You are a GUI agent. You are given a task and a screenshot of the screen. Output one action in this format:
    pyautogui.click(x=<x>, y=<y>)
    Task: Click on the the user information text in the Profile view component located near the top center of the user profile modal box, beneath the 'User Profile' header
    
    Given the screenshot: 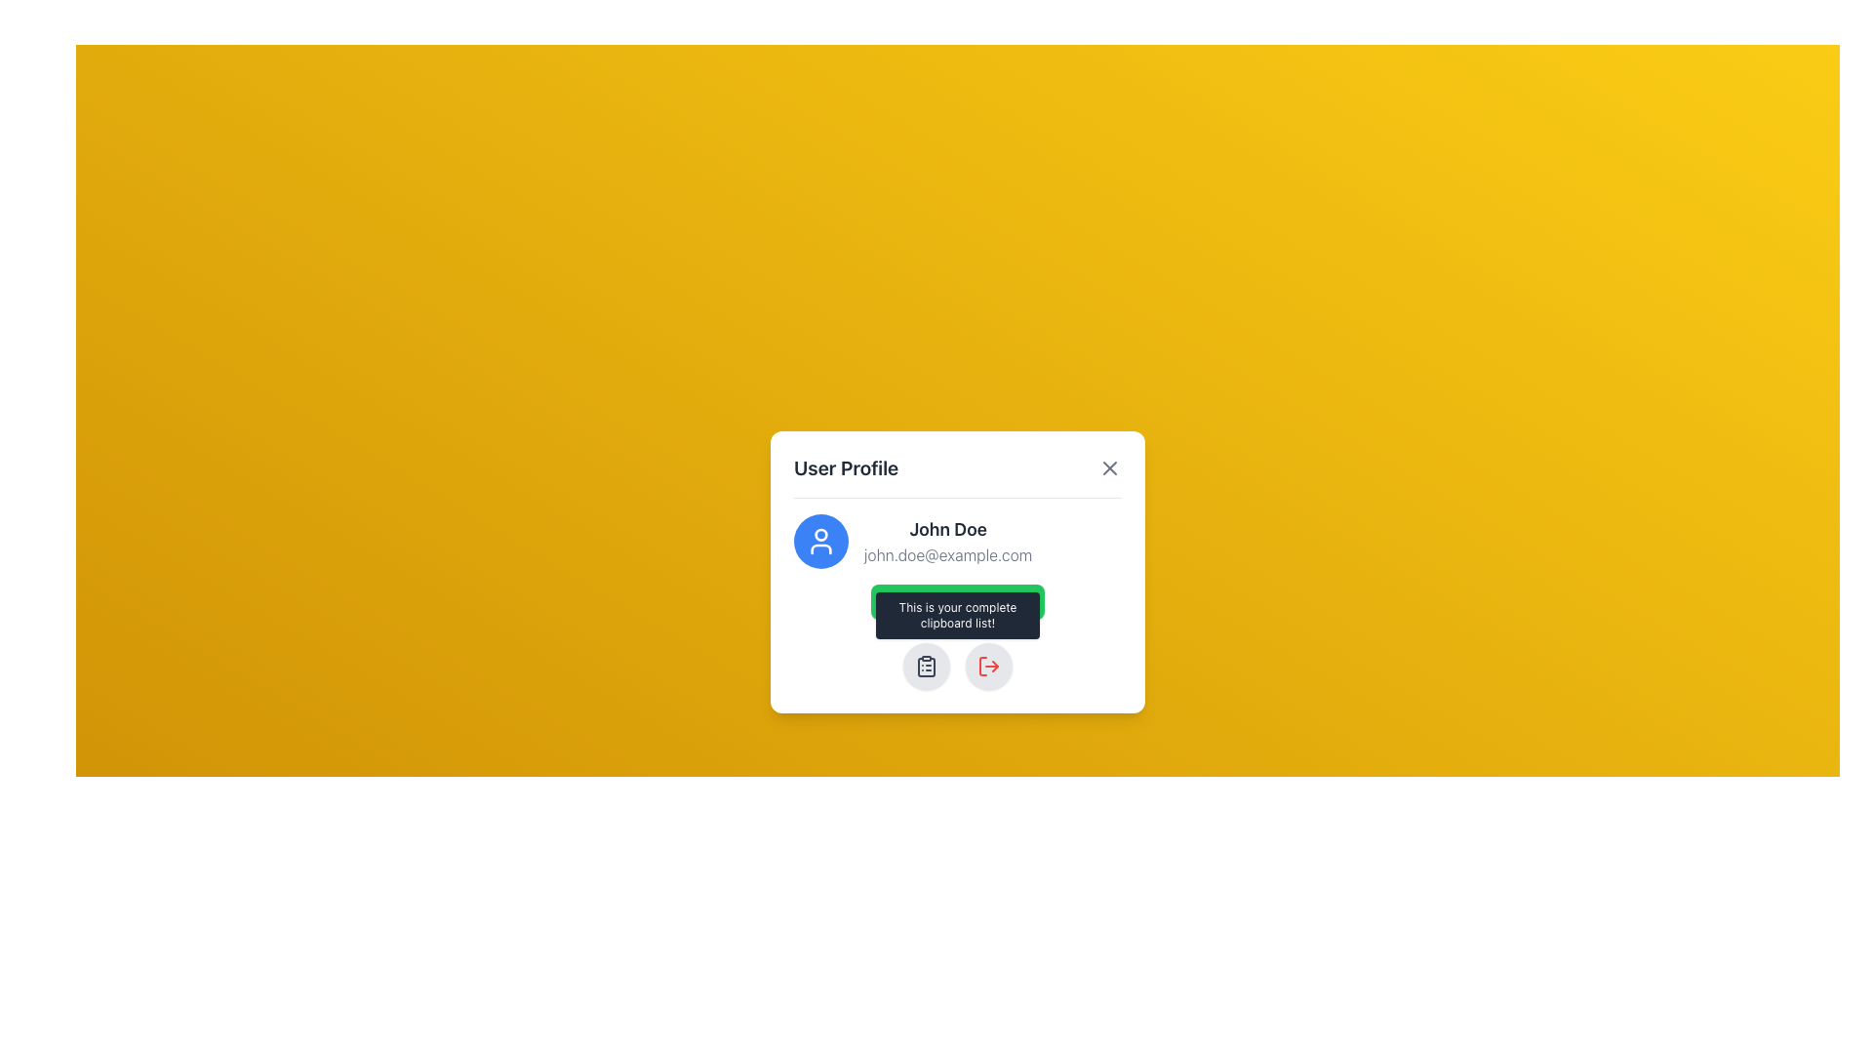 What is the action you would take?
    pyautogui.click(x=958, y=541)
    